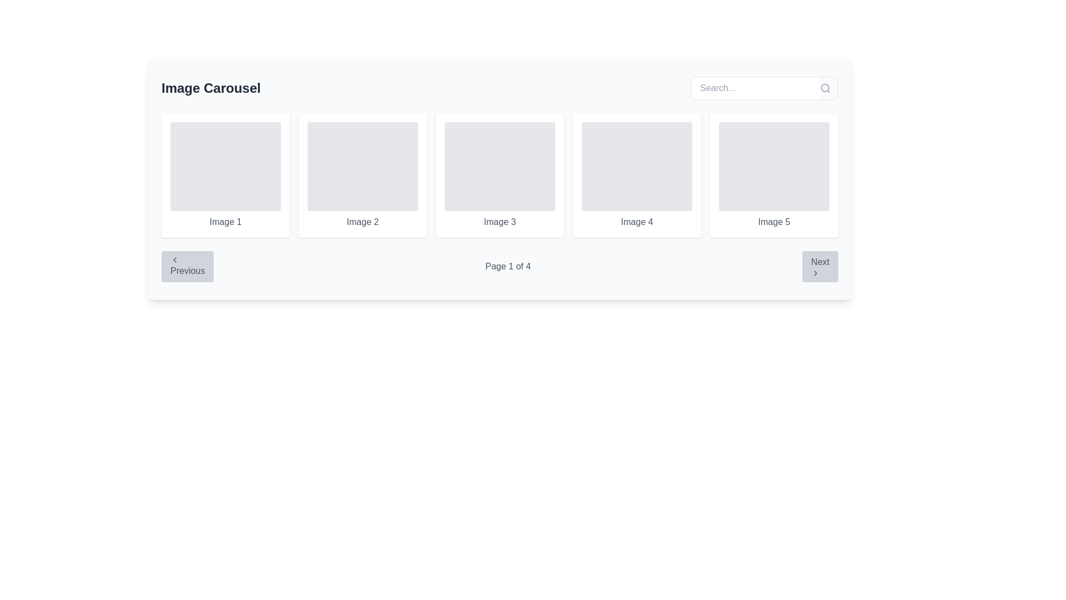 The image size is (1066, 600). What do you see at coordinates (773, 175) in the screenshot?
I see `the fifth card in the 'Image Carousel' that serves as a placeholder for 'Image 5'` at bounding box center [773, 175].